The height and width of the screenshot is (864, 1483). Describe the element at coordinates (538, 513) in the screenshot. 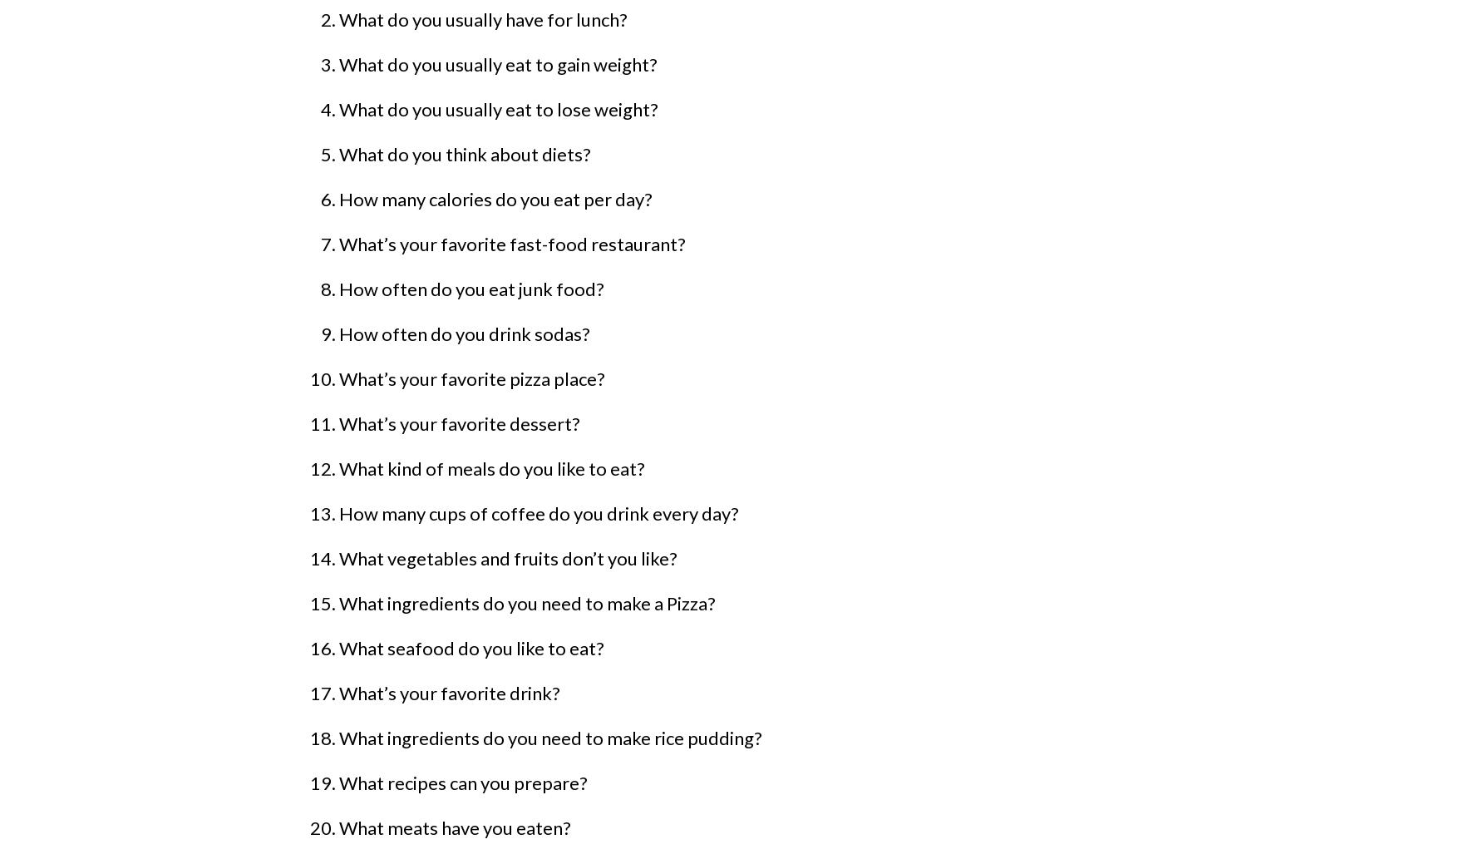

I see `'How many cups of
coffee do you drink every day?'` at that location.